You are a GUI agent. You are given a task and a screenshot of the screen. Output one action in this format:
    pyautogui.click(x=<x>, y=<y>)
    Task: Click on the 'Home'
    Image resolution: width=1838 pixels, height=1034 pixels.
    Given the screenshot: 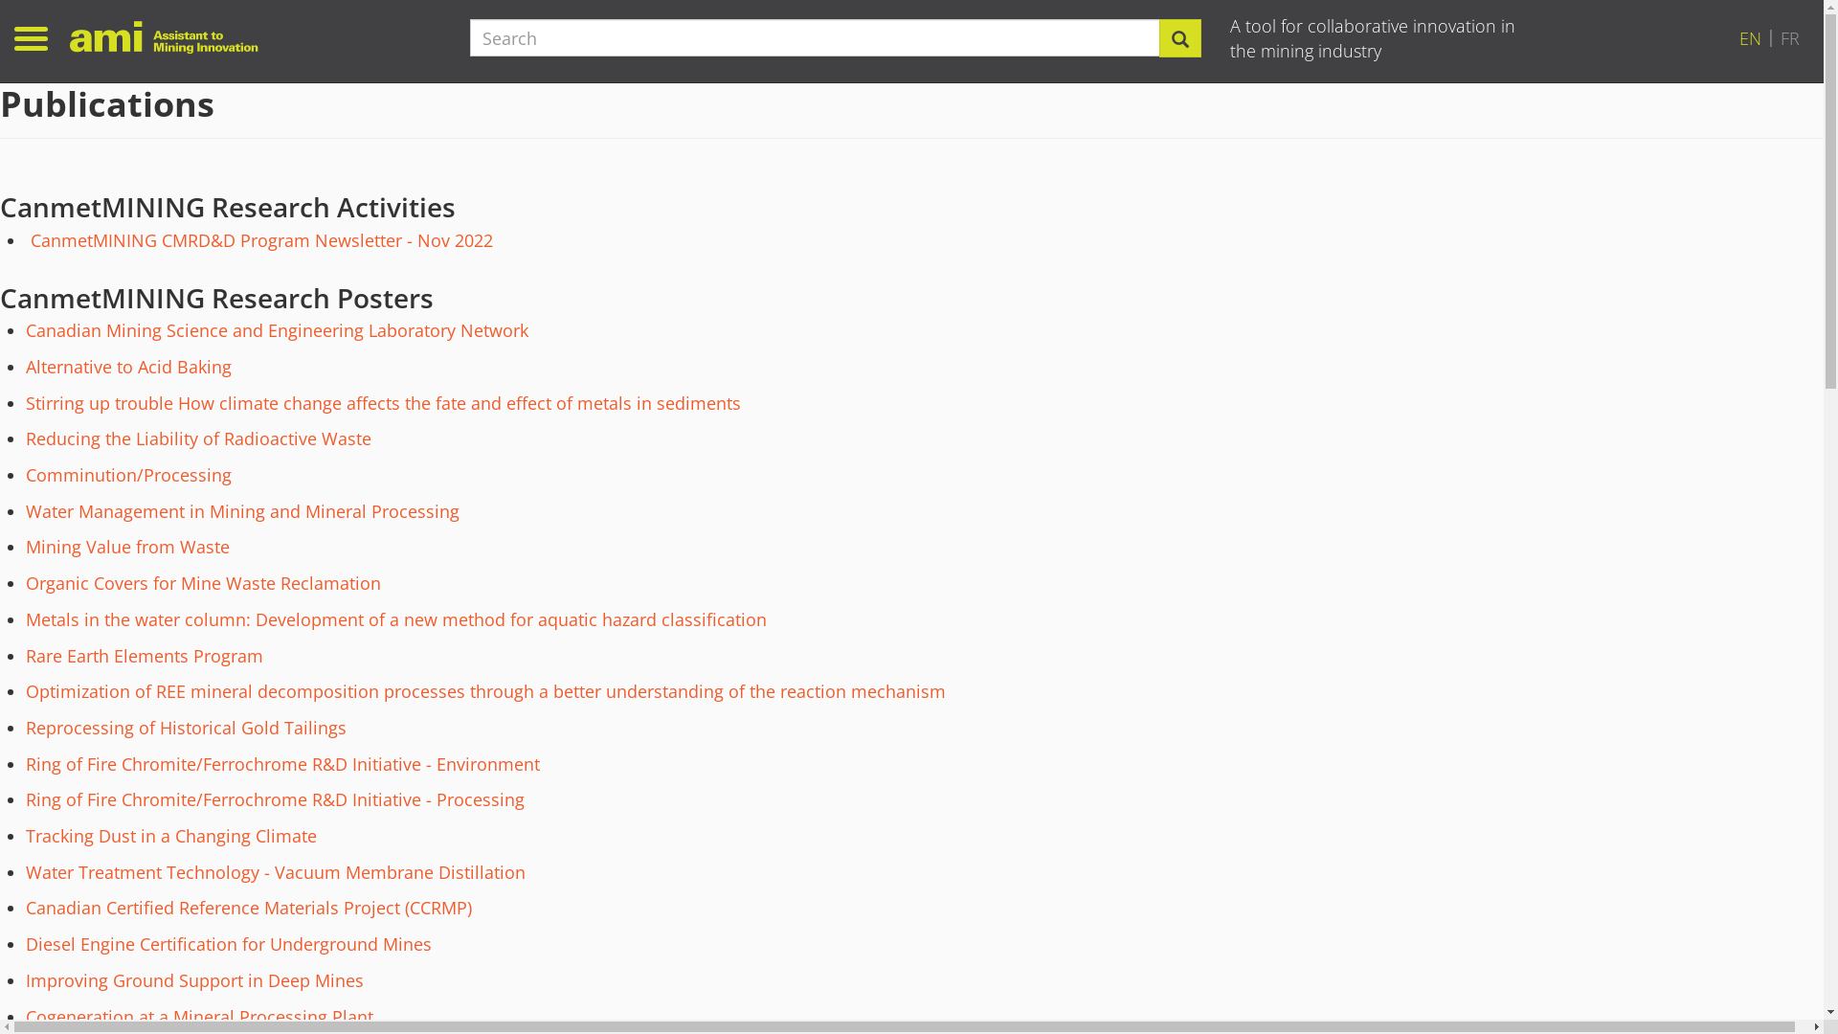 What is the action you would take?
    pyautogui.click(x=68, y=36)
    